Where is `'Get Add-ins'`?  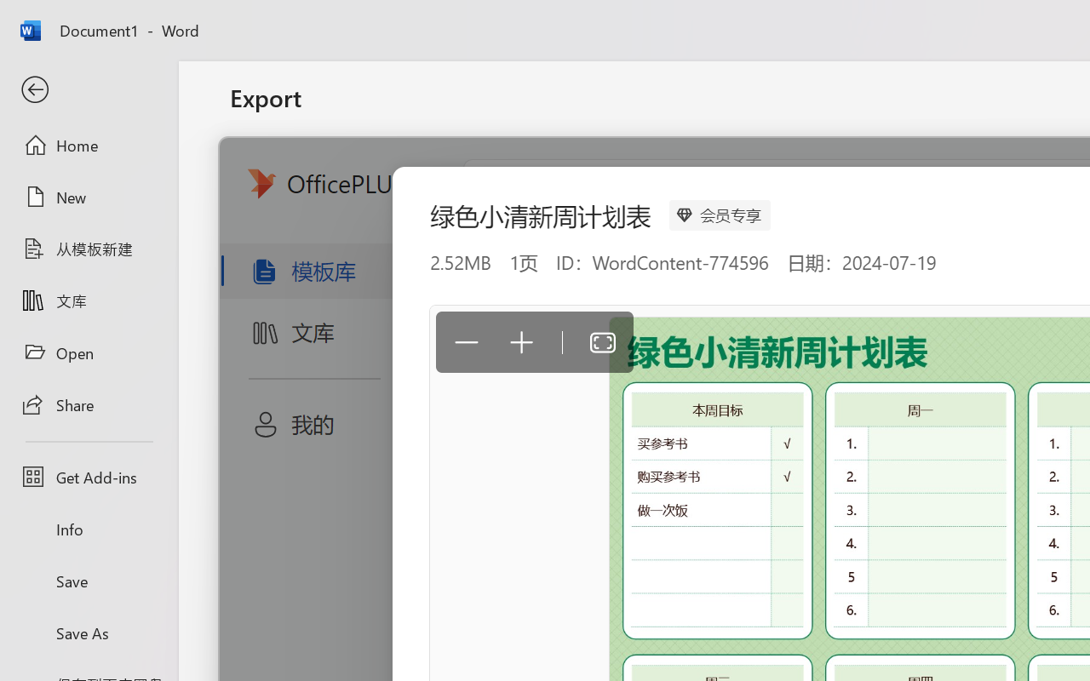 'Get Add-ins' is located at coordinates (88, 477).